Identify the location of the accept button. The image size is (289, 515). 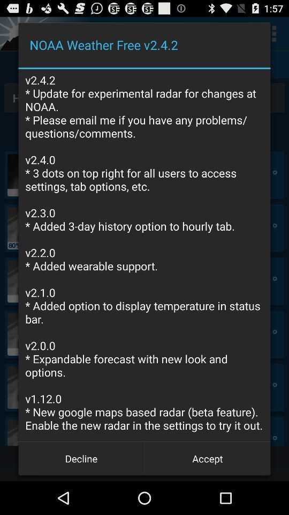
(207, 458).